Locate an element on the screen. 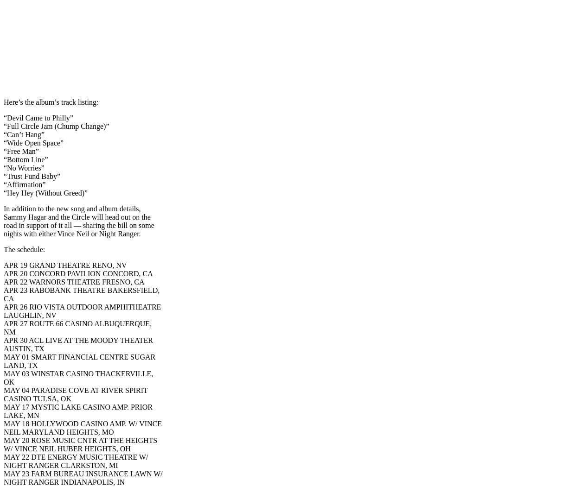 This screenshot has height=487, width=569. '“Trust Fund Baby”' is located at coordinates (32, 176).